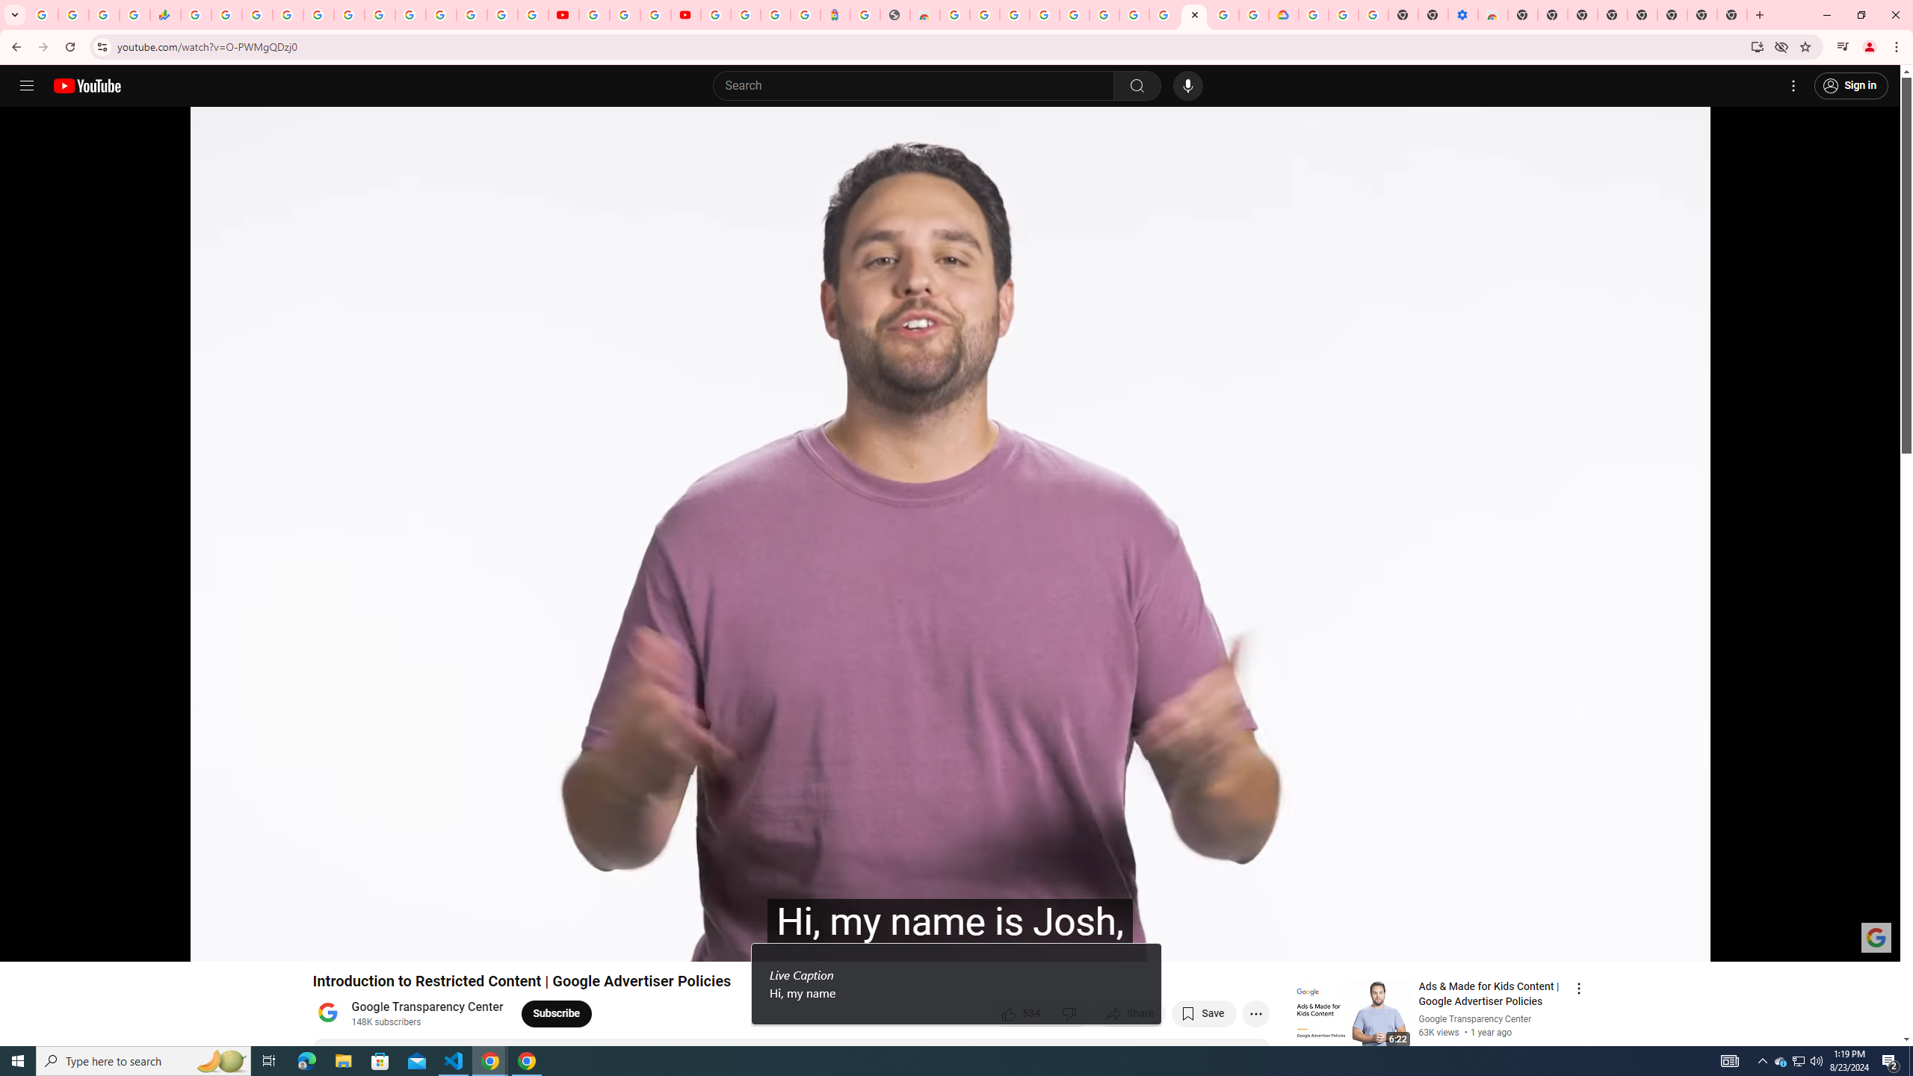  I want to click on 'Full screen (f)', so click(1873, 942).